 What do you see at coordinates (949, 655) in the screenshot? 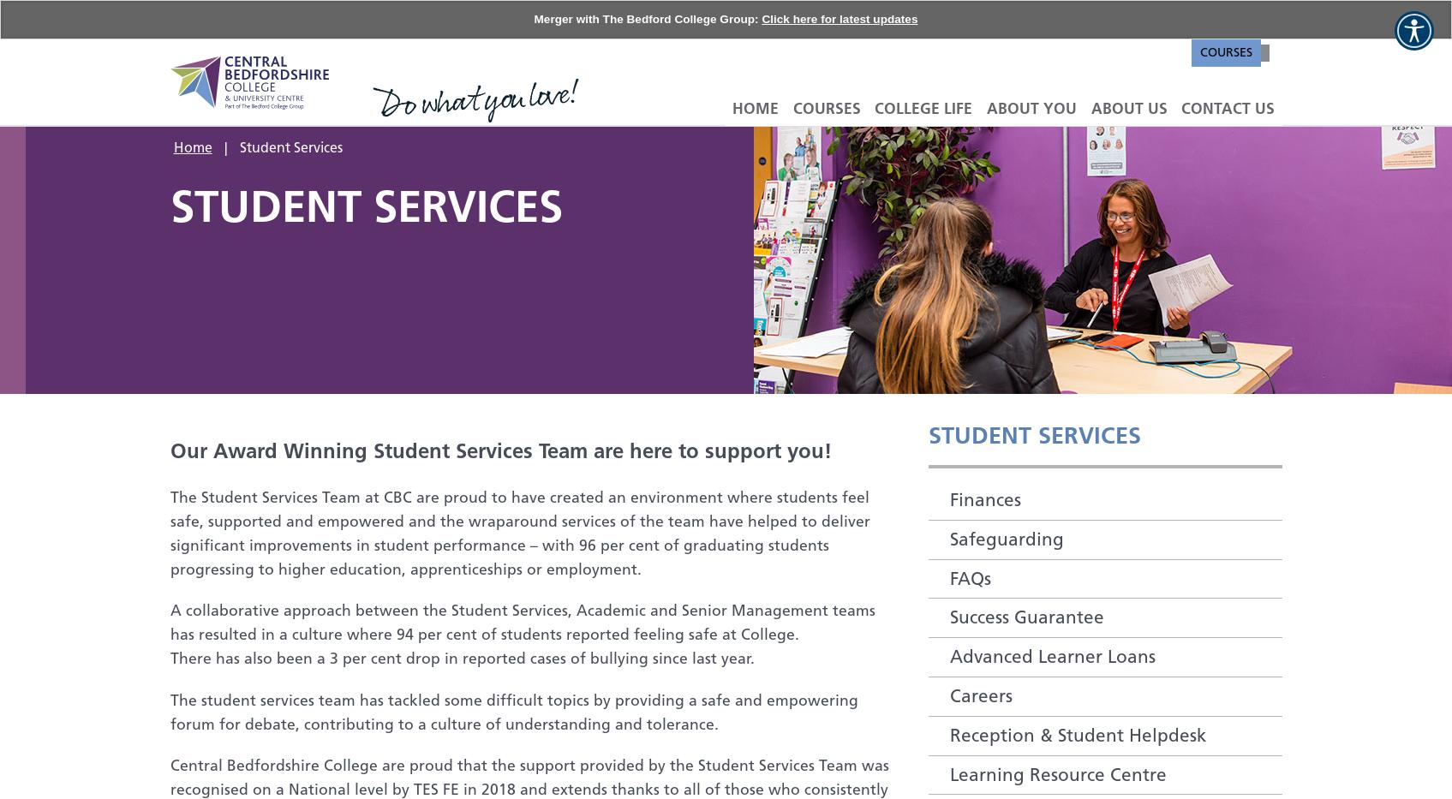
I see `'Advanced Learner Loans'` at bounding box center [949, 655].